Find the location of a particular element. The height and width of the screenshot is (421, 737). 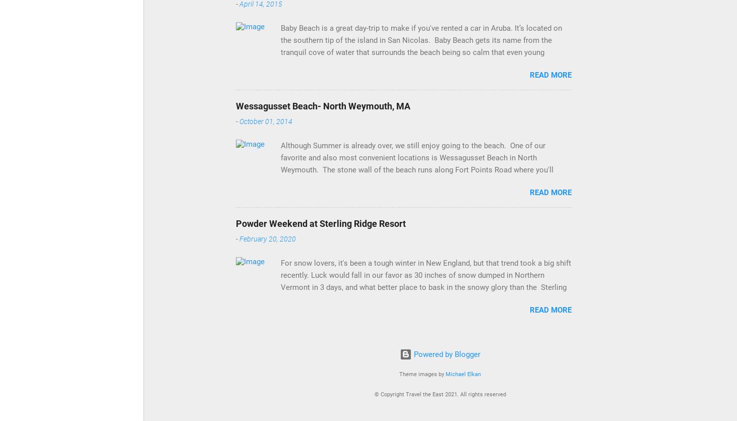

'Baby Beach  is a great day-trip to make if you've rented a car in Aruba. It’s located on the southern tip of the island in San Nicolas.  Baby Beach gets its name from the tranquil cove of water that surrounds the beach being so calm that even young children are safe to swim in it.            The drive down from the hotel area  takes around 40 minutes. It’s a fun ride down stopping at the shops in Oranjestad or checking out one of the more local restaurants once you get south of the airport. Directions in Aruba are pretty easy to follow. There are only a few highway-type roads and because it’s a small island, you can usually find the water as a point of reference if you get off-route.          Baby beach definitely has a unique look to it, as the rough ocean flows into a protected, horseshoe shaped cove where everyone swims around.  Because there are only a few hotels nearby, the beach has a local flair. However you’ll see plenty of tourists and guided tours as well. There are als' is located at coordinates (424, 94).